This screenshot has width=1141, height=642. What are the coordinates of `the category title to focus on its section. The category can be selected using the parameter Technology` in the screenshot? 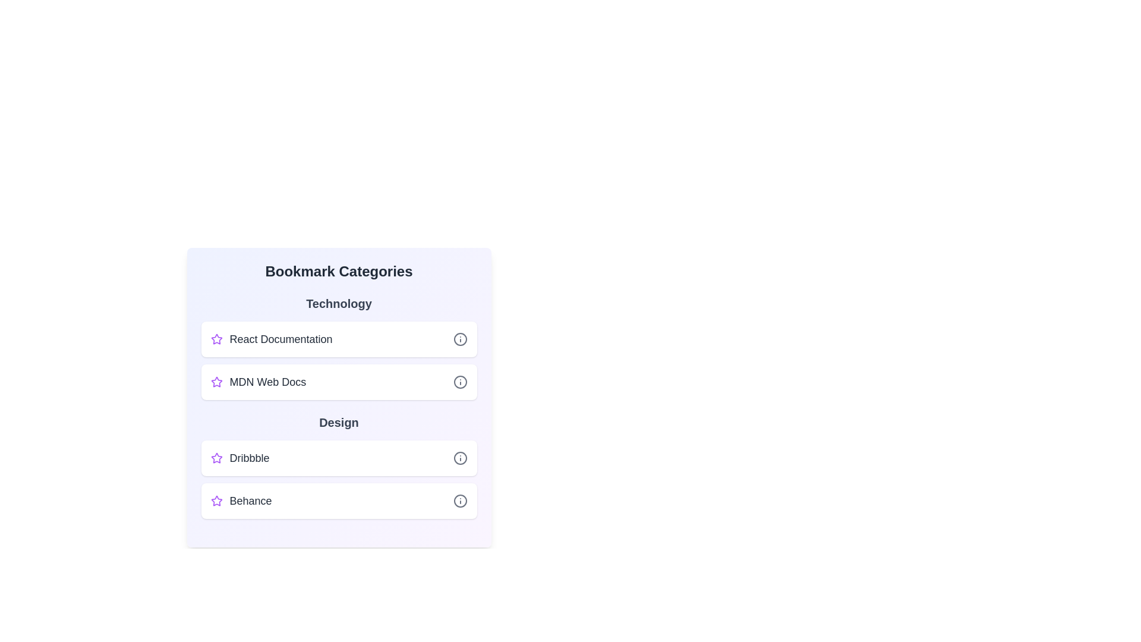 It's located at (338, 303).